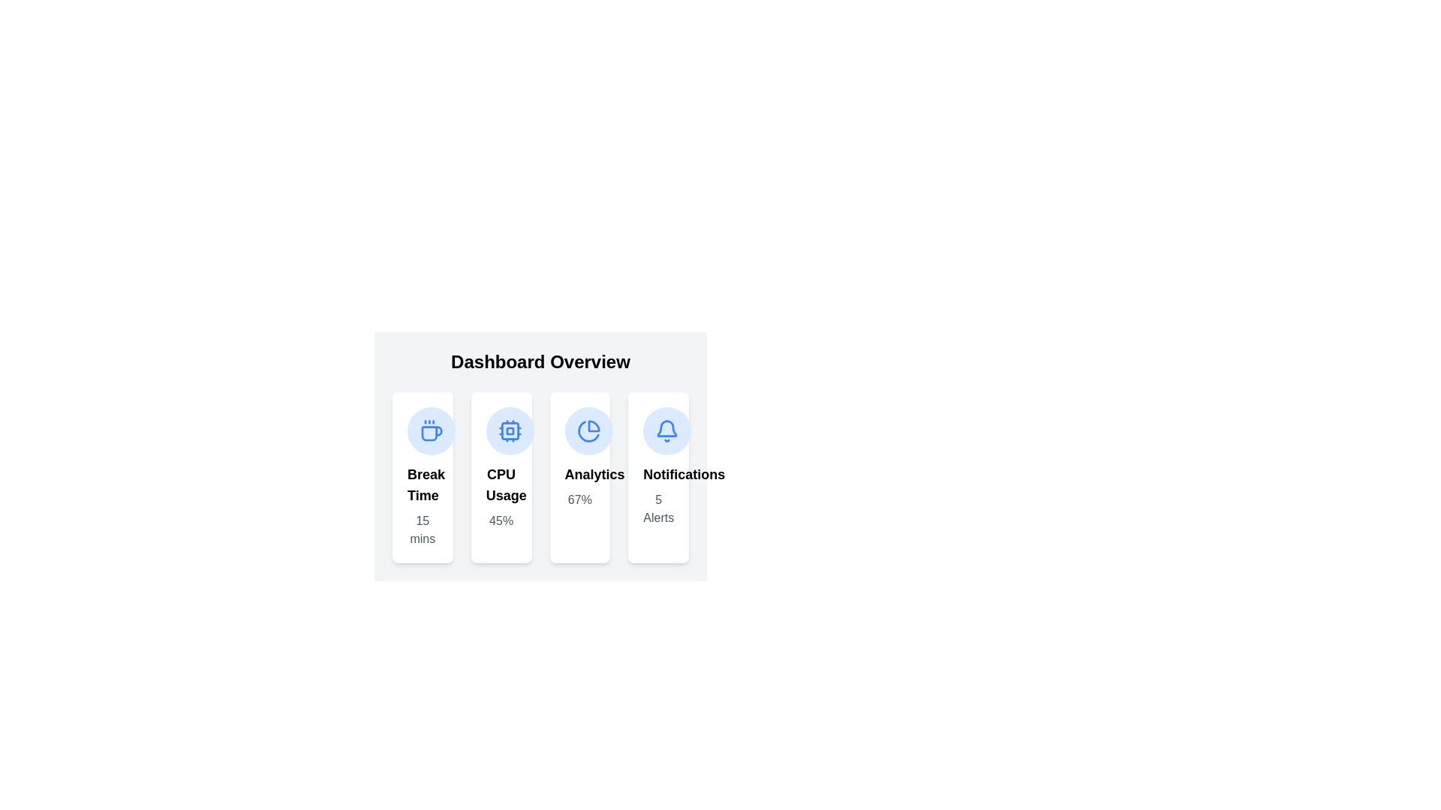 The height and width of the screenshot is (810, 1441). I want to click on the text label displaying '67%' within the 'Analytics' card, which is the third card from the left in a row of four cards, so click(579, 486).